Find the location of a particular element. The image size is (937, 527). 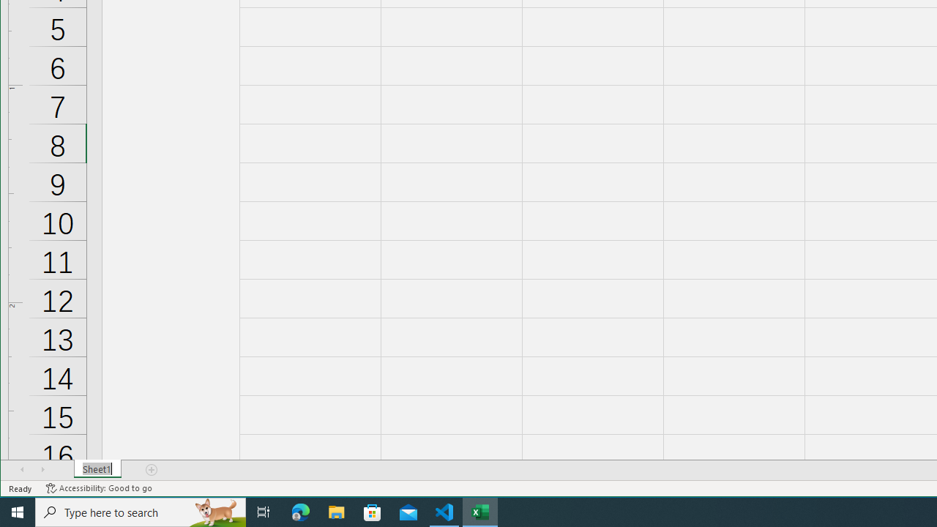

'Microsoft Store' is located at coordinates (373, 511).